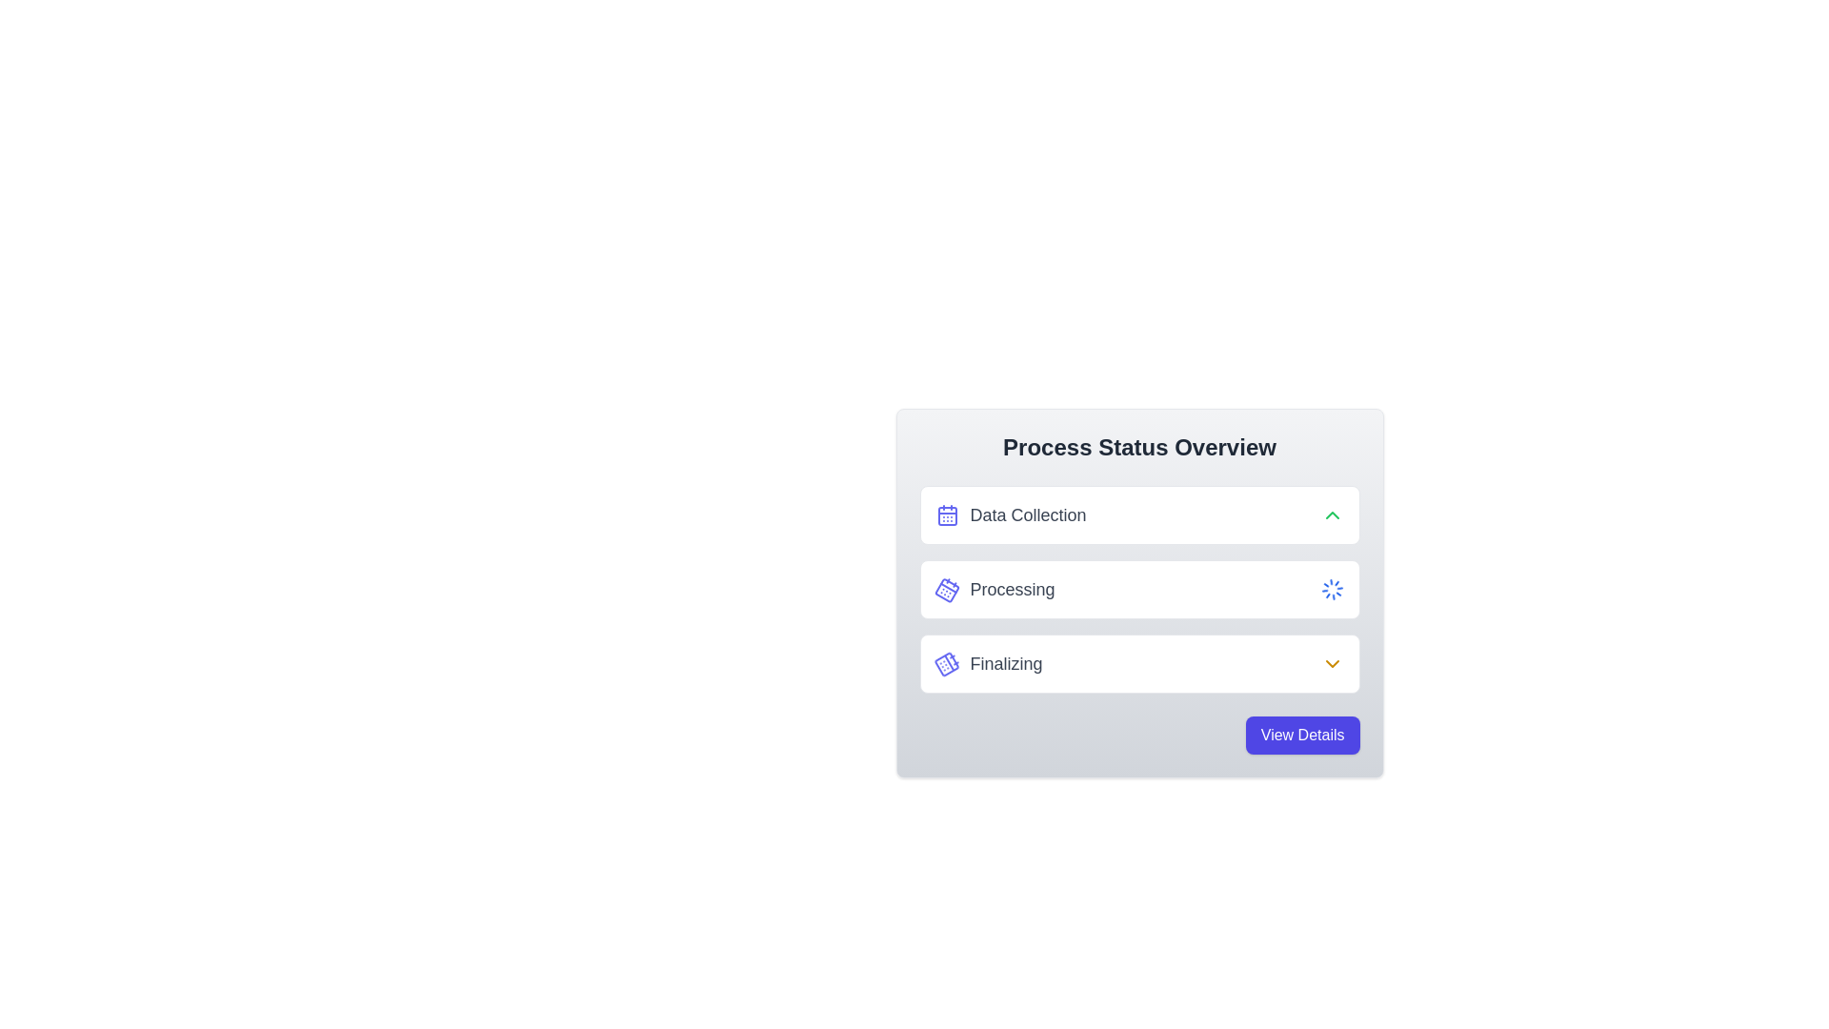  What do you see at coordinates (1012, 588) in the screenshot?
I see `the status label indicating 'Processing', which is the second entry in a vertical list of status labels, located between 'Data Collection' and 'Finalizing'` at bounding box center [1012, 588].